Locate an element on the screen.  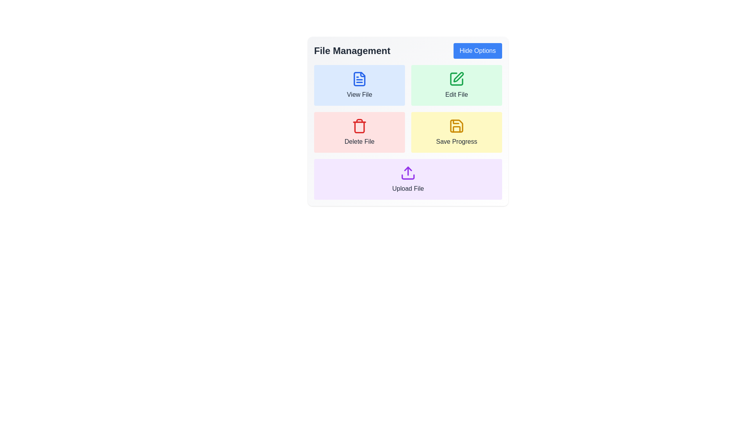
the trash bin icon within the red square button labeled 'Delete File', which is located in the second row, first column of the grid is located at coordinates (359, 125).